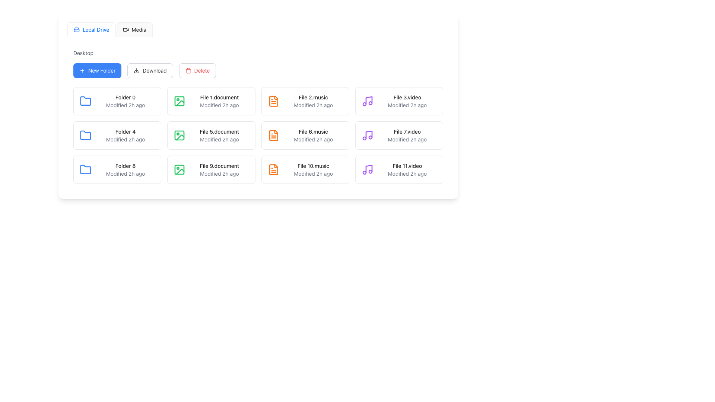  What do you see at coordinates (313, 135) in the screenshot?
I see `the Text Display element representing the file 'File 6.music' with its last modified timestamp 'Modified 2h ago'` at bounding box center [313, 135].